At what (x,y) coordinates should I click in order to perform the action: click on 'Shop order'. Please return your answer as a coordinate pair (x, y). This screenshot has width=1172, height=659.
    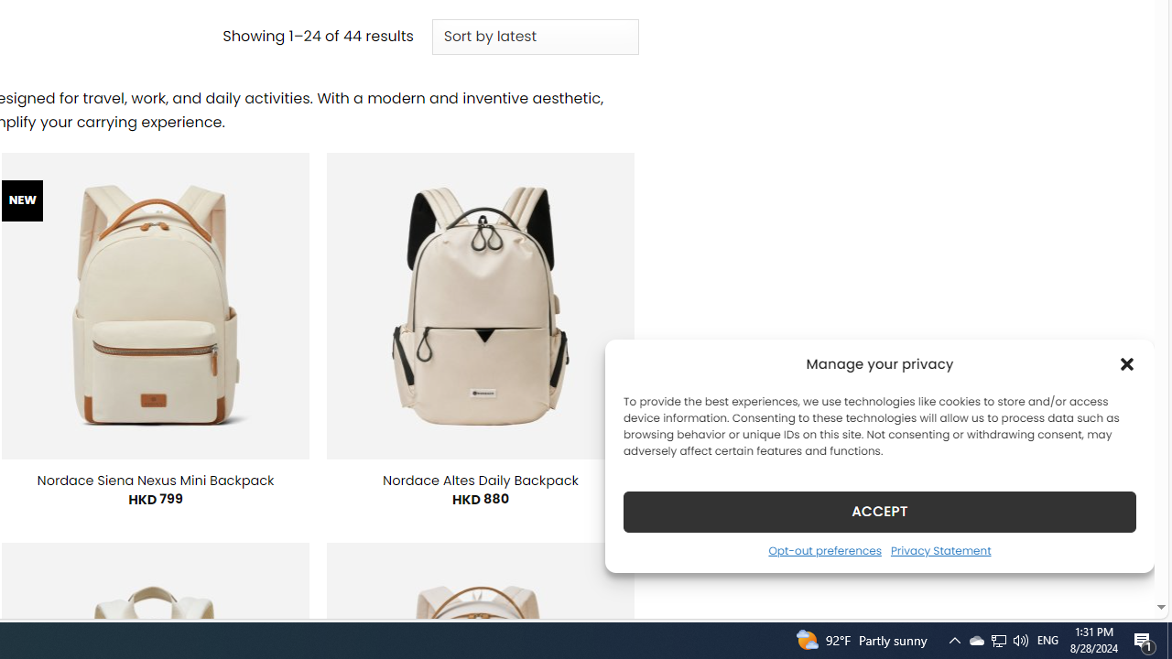
    Looking at the image, I should click on (534, 38).